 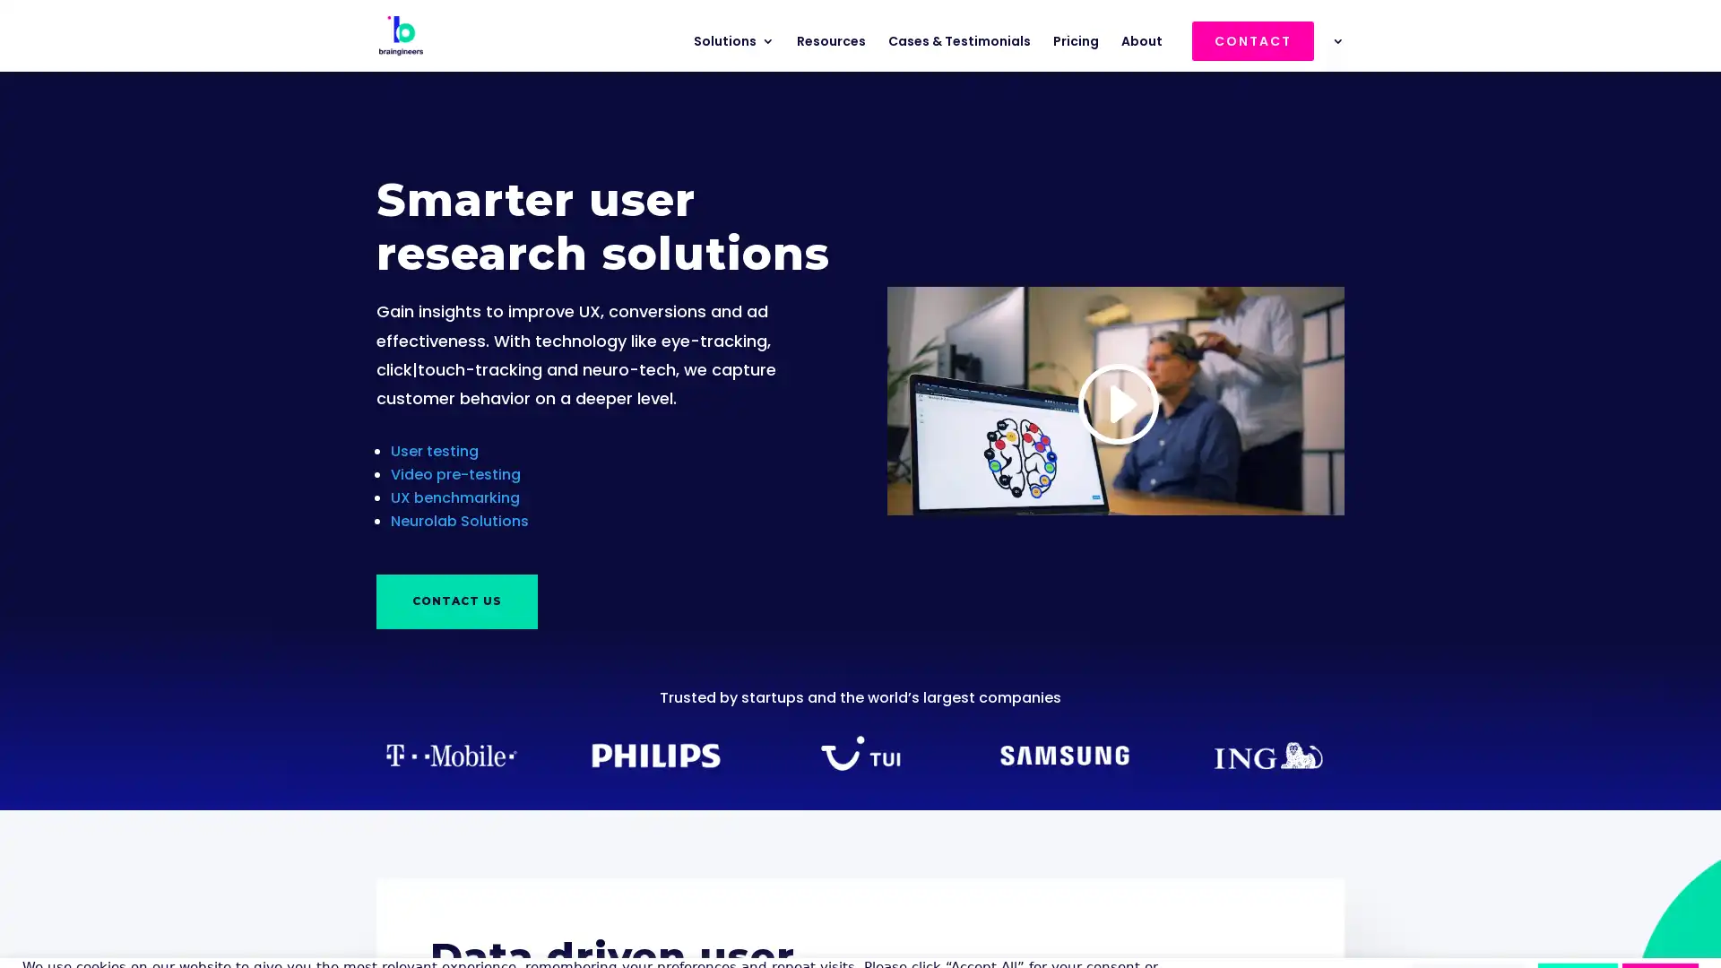 I want to click on enter full screen, so click(x=1277, y=472).